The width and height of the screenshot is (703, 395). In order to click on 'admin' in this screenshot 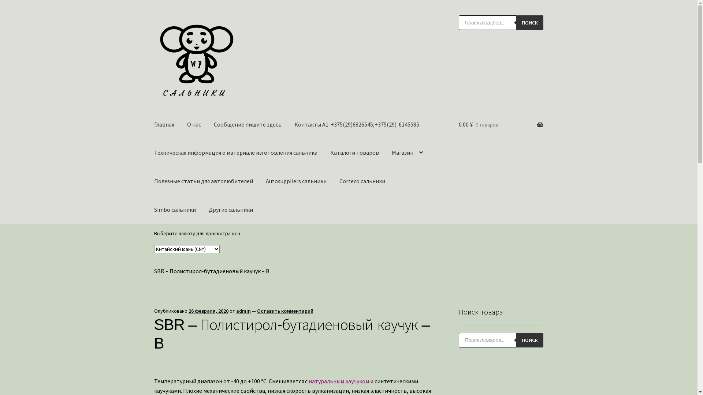, I will do `click(243, 311)`.